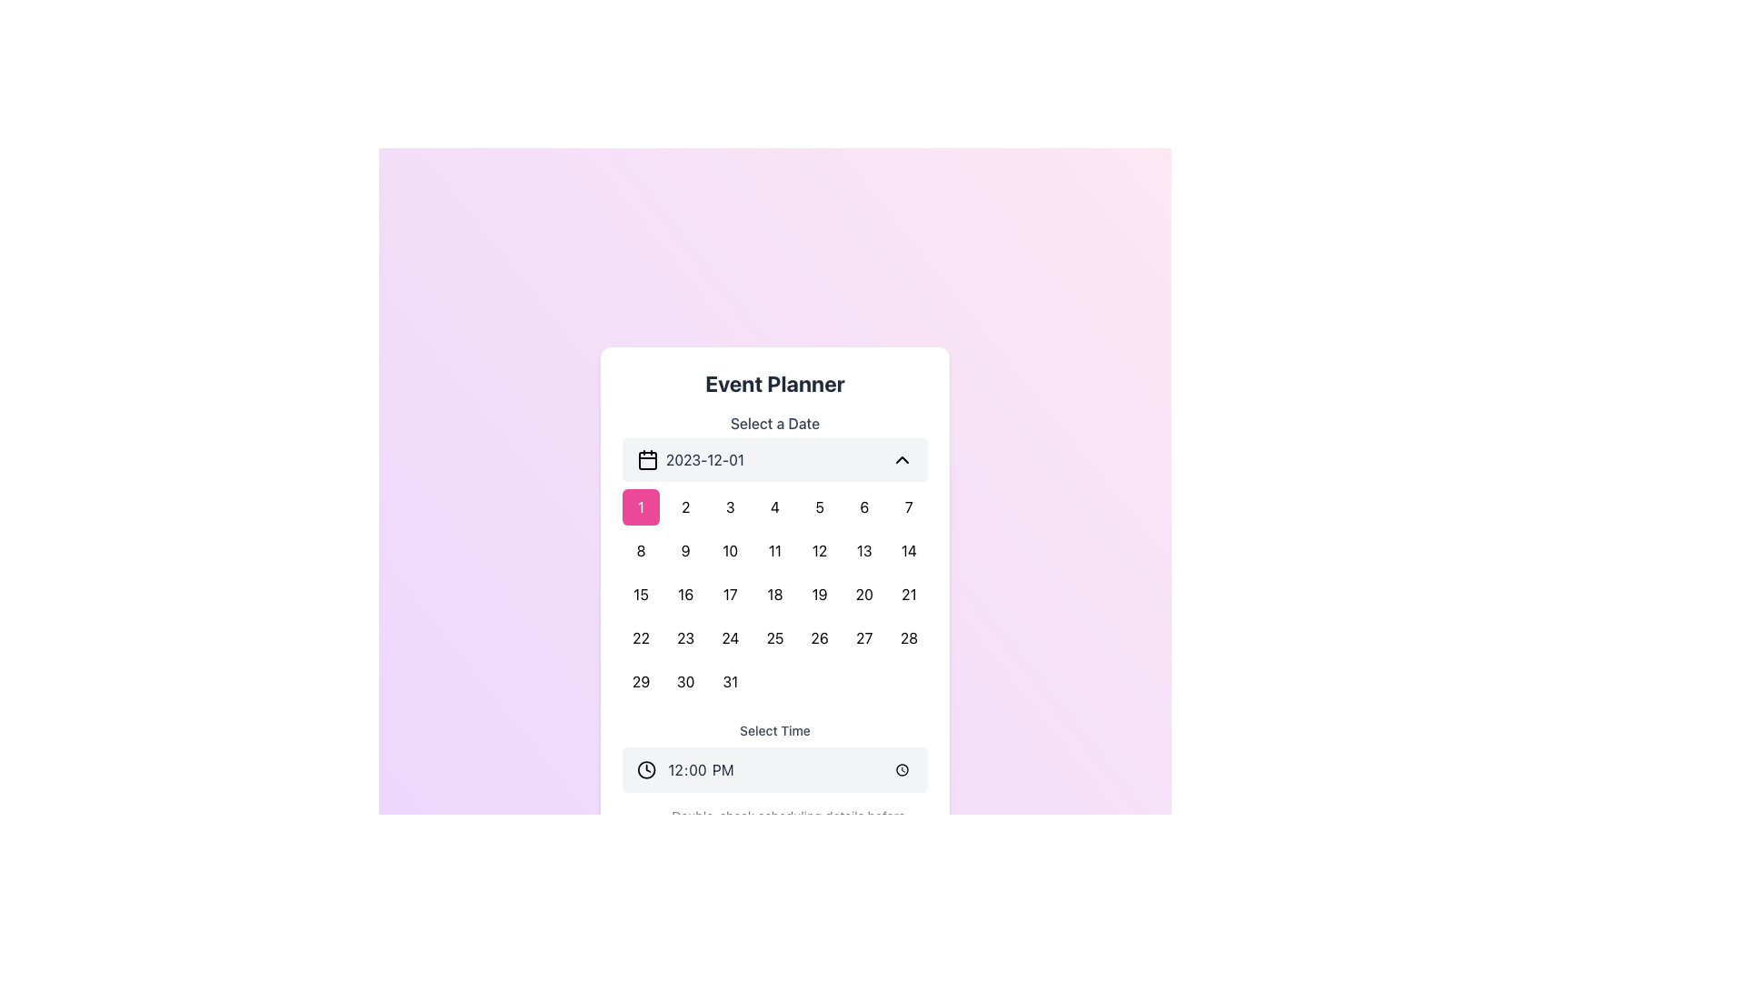  What do you see at coordinates (775, 595) in the screenshot?
I see `the '18' button on the calendar` at bounding box center [775, 595].